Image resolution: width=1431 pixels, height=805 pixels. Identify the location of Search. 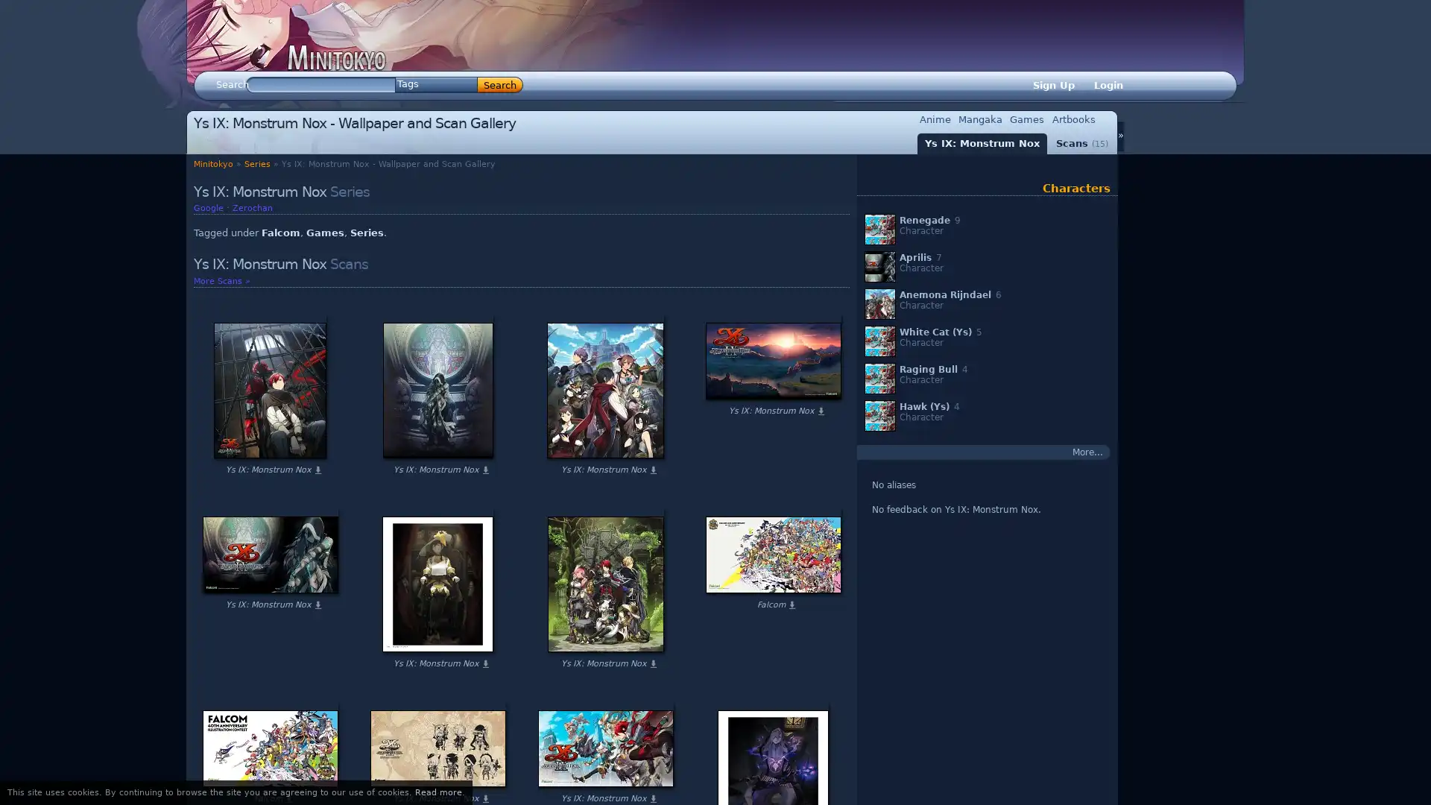
(500, 85).